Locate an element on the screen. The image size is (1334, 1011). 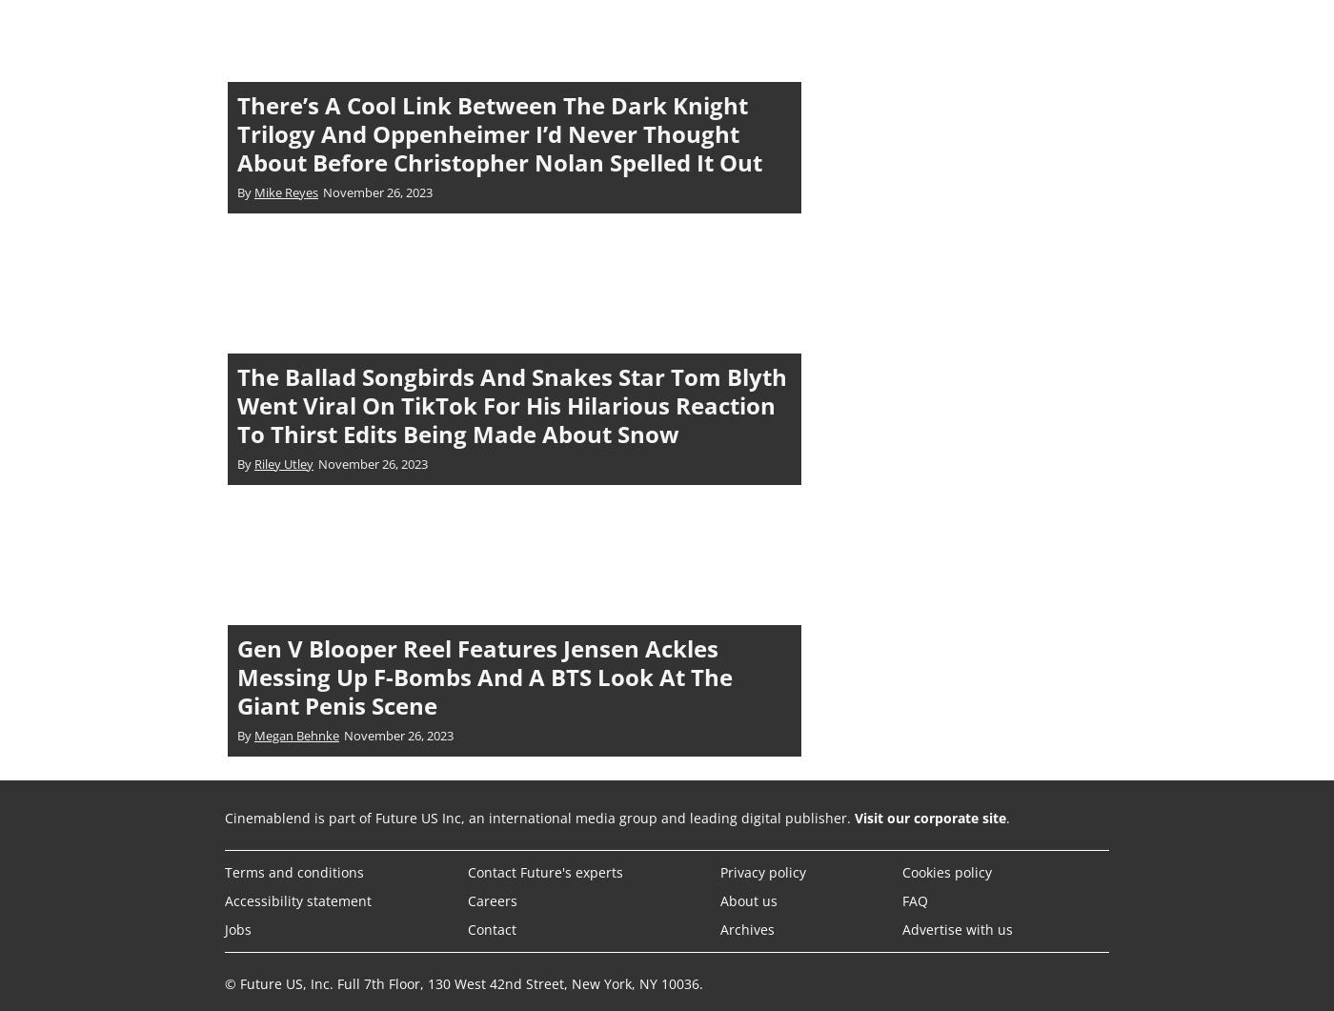
'Privacy policy' is located at coordinates (761, 870).